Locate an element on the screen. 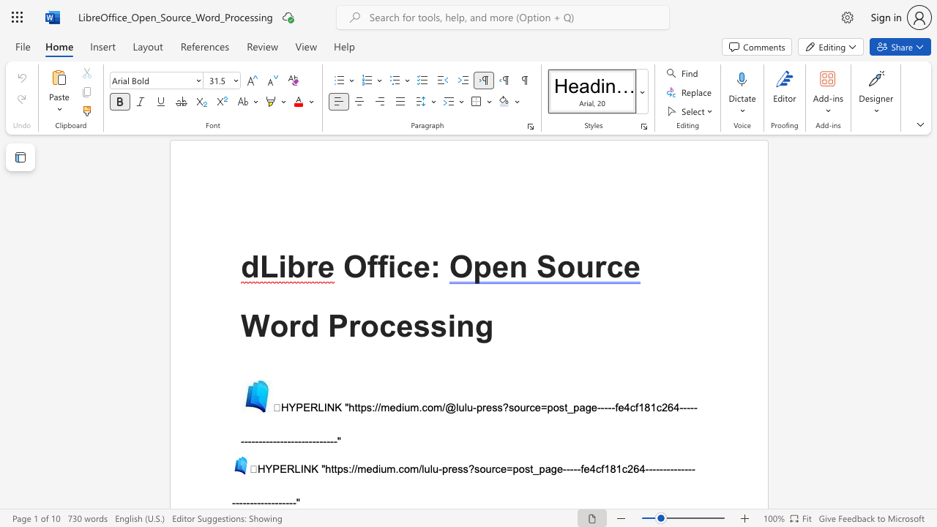 This screenshot has width=937, height=527. the space between the continuous character "-" and "p" in the text is located at coordinates (441, 468).